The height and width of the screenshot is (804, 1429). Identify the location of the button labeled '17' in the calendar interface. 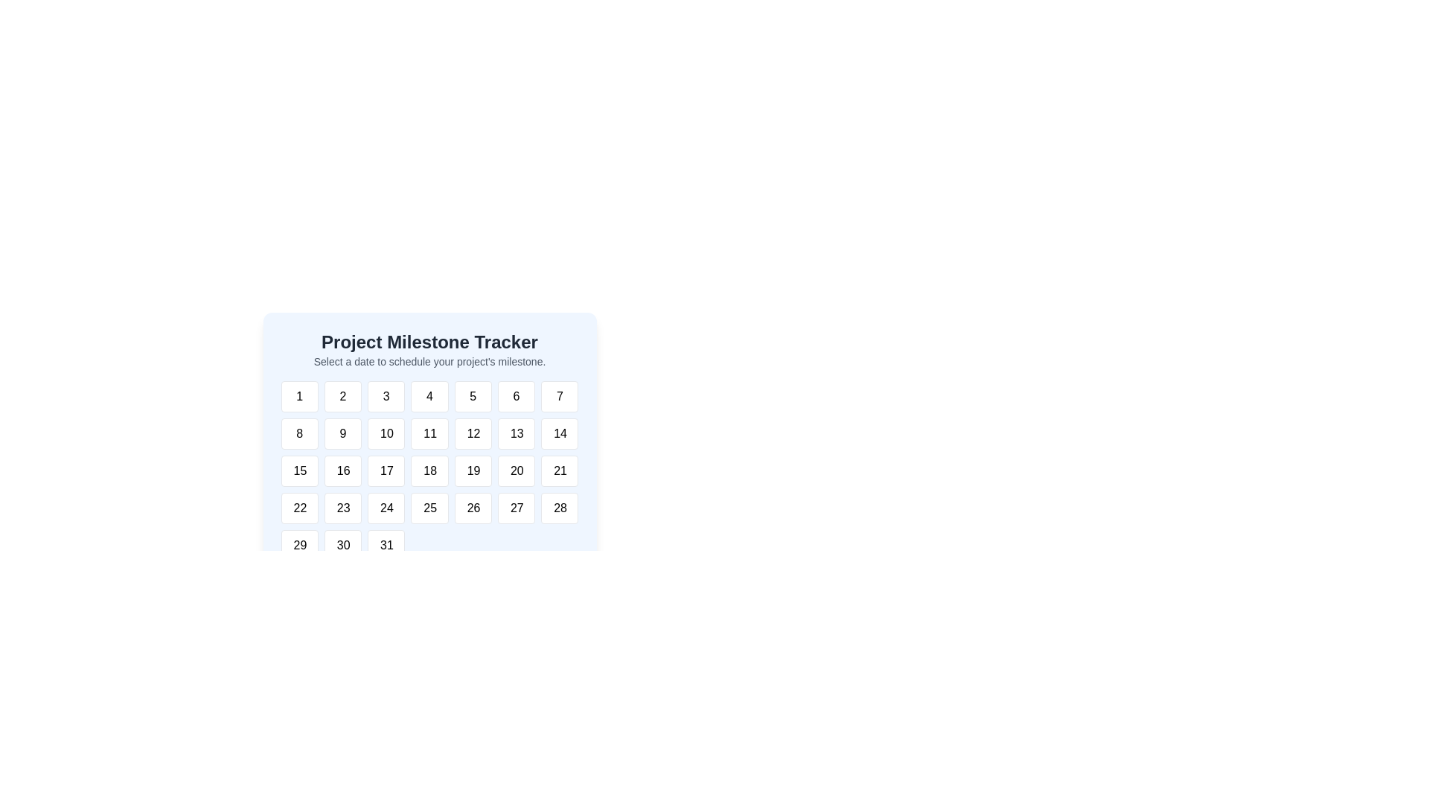
(386, 470).